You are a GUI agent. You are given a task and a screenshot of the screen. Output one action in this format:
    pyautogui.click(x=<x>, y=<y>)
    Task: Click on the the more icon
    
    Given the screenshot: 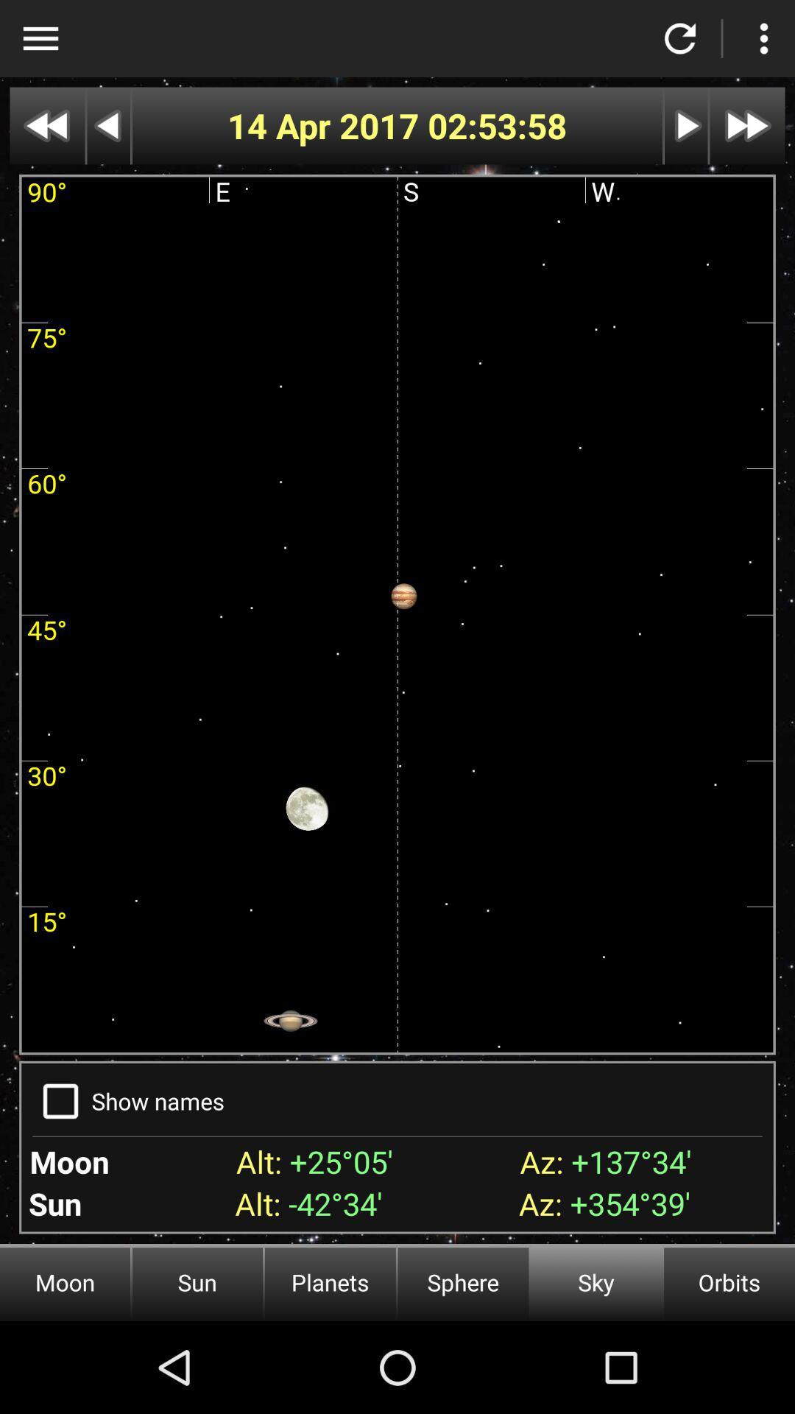 What is the action you would take?
    pyautogui.click(x=763, y=38)
    